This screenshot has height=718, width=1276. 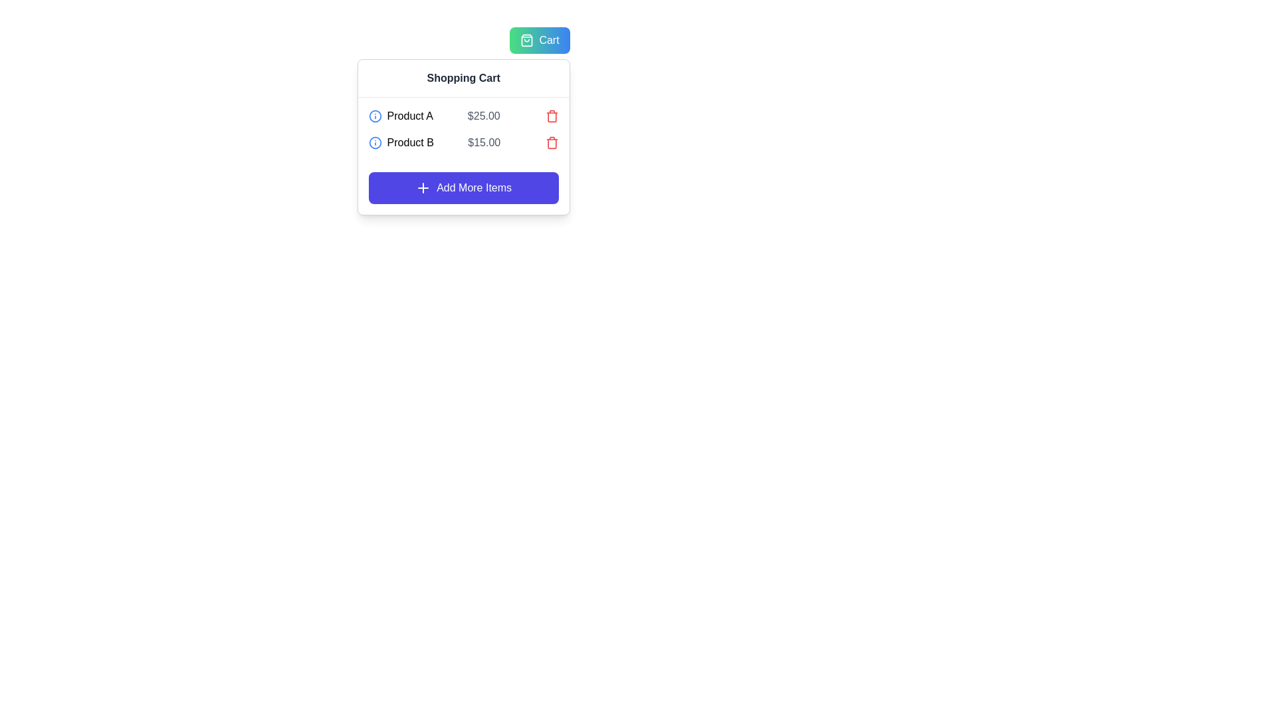 What do you see at coordinates (374, 143) in the screenshot?
I see `the informational icon located to the left of the 'Product B' text label in the shopping cart list` at bounding box center [374, 143].